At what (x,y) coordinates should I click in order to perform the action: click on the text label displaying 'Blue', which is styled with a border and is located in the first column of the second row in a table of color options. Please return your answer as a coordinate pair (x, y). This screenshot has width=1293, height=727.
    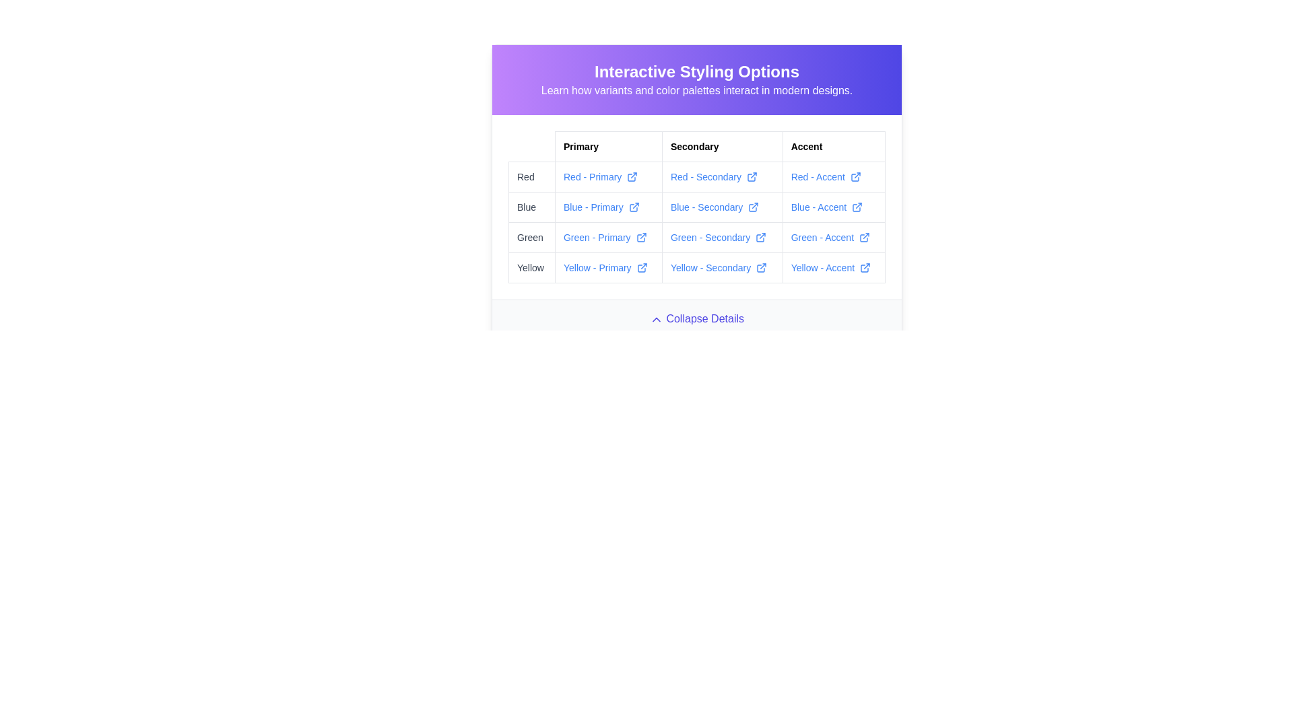
    Looking at the image, I should click on (531, 207).